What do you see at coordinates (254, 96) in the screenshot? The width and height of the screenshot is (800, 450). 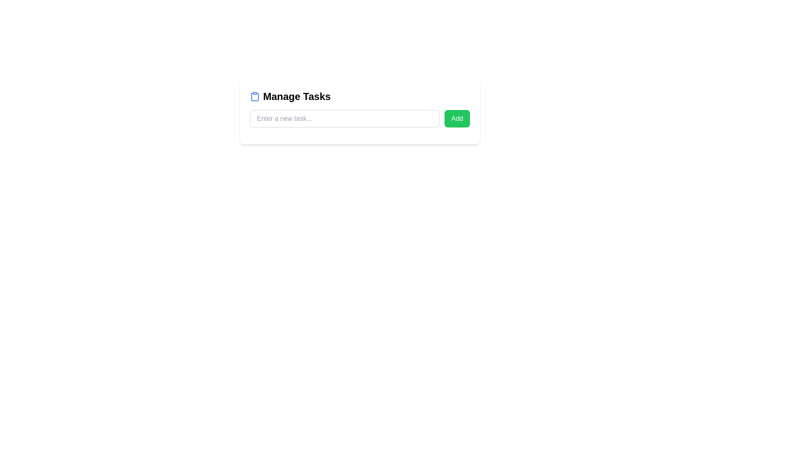 I see `the function of the clipboard icon located to the far left within the 'Manage Tasks' header, adjacent to the text and vertically aligned with it` at bounding box center [254, 96].